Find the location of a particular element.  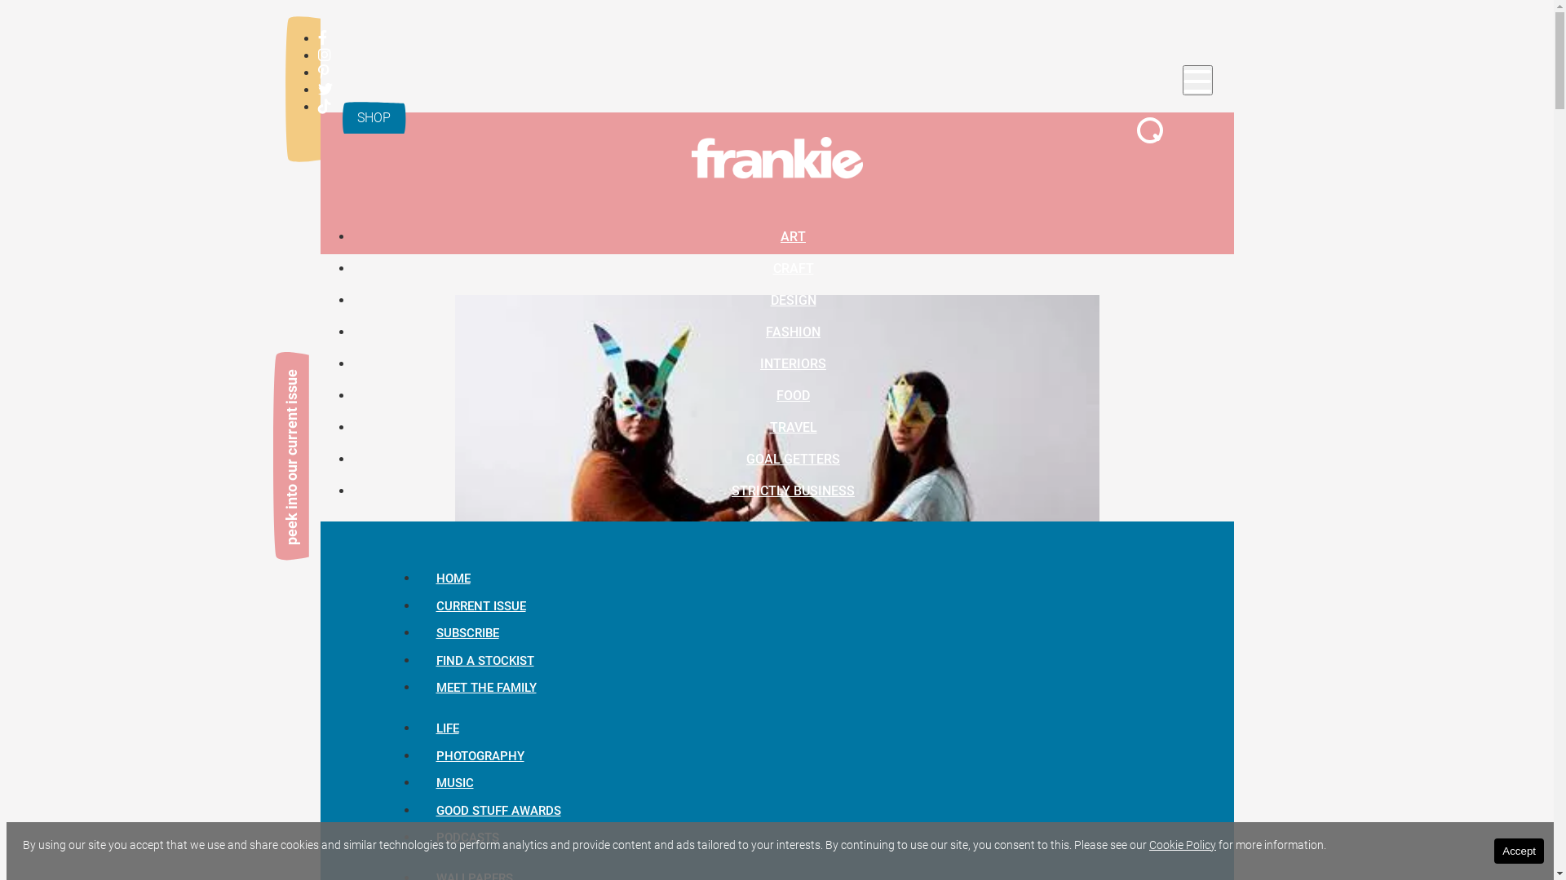

'FASHION' is located at coordinates (793, 330).